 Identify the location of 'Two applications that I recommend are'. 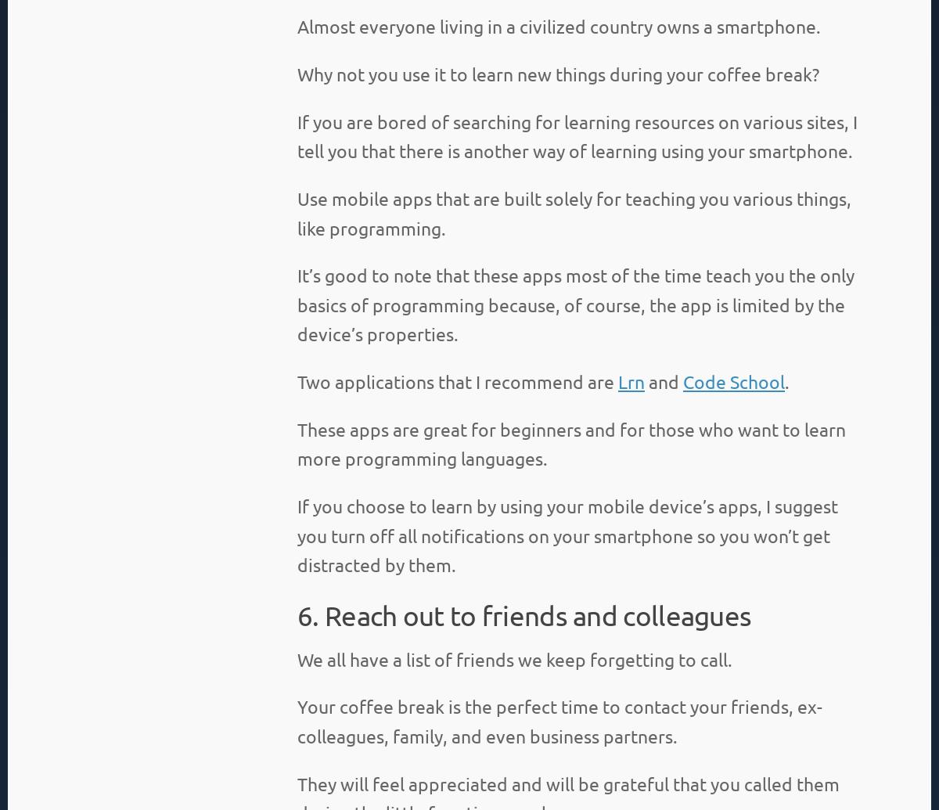
(297, 381).